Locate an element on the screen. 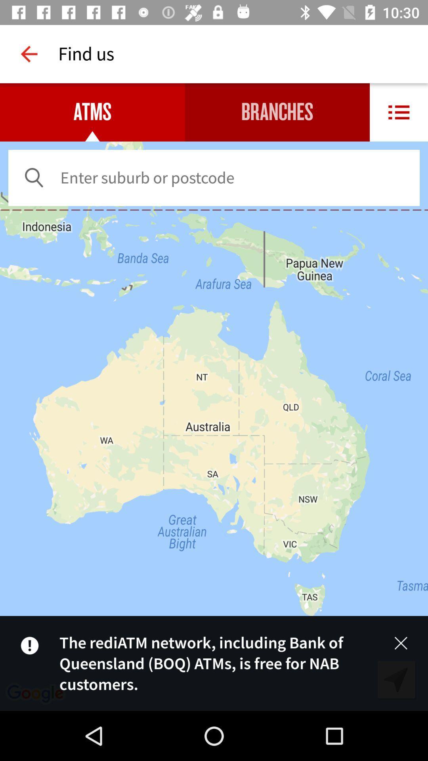 The height and width of the screenshot is (761, 428). the close icon is located at coordinates (401, 643).